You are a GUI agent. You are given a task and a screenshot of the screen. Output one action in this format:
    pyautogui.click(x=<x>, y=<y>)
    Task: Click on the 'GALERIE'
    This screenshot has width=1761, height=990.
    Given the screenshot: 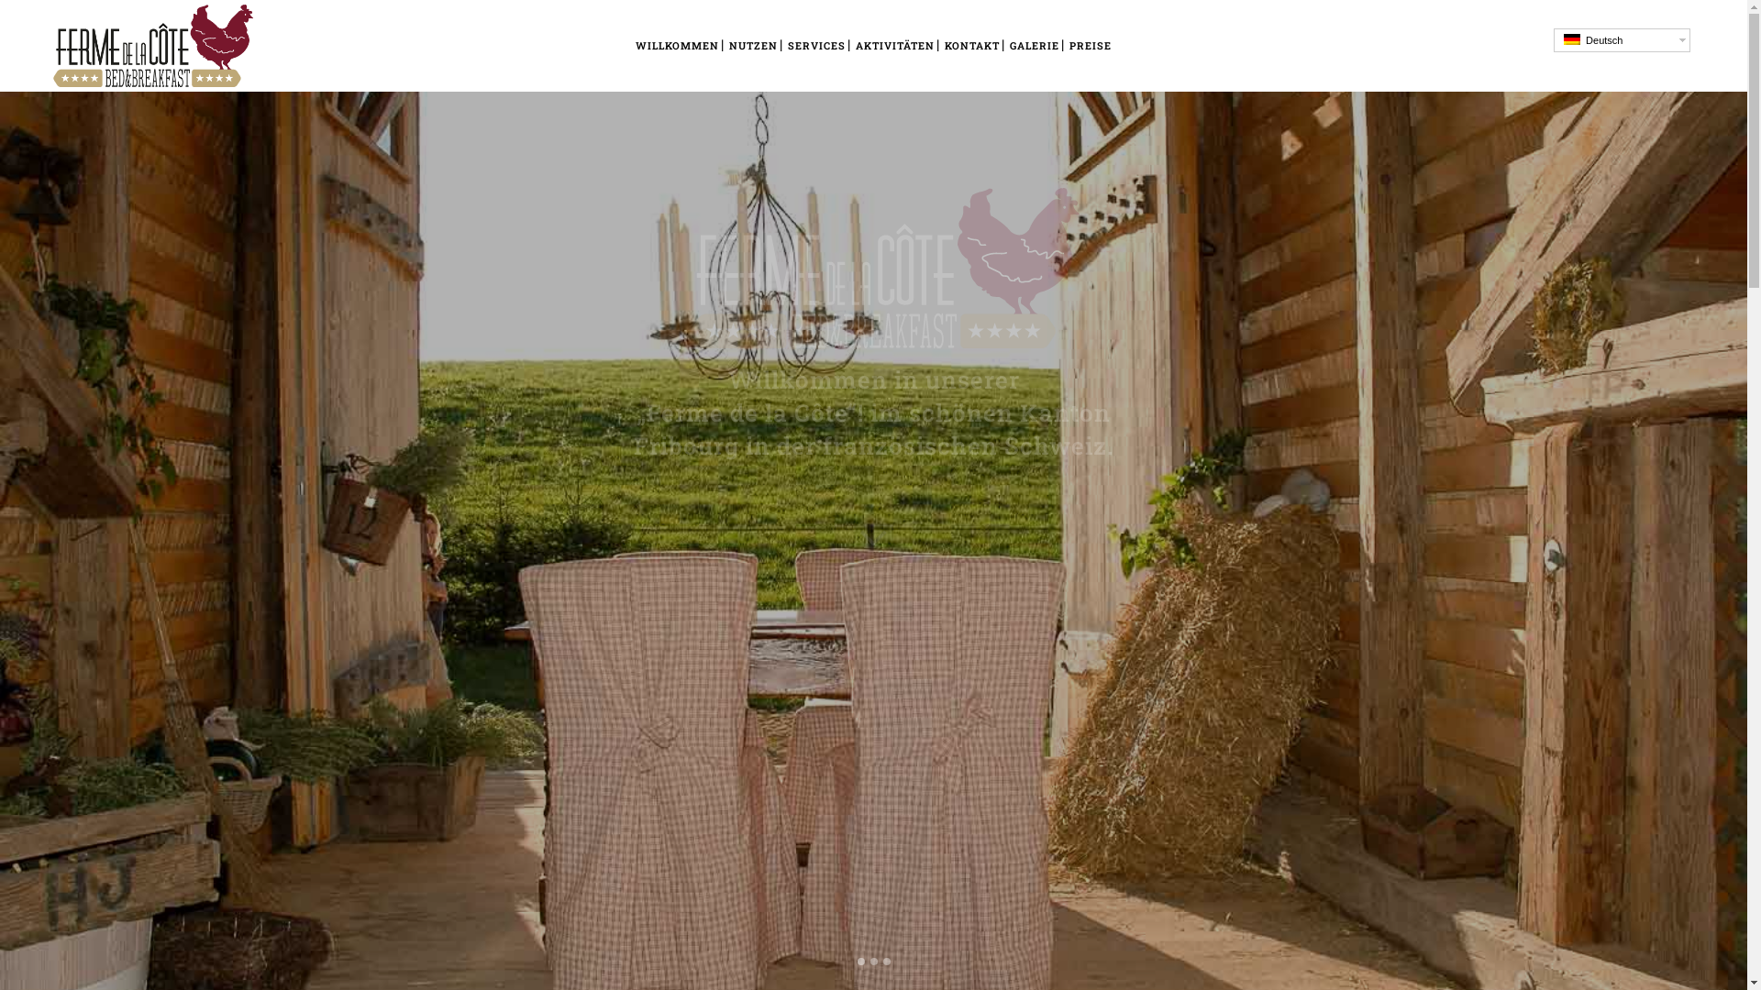 What is the action you would take?
    pyautogui.click(x=1035, y=45)
    